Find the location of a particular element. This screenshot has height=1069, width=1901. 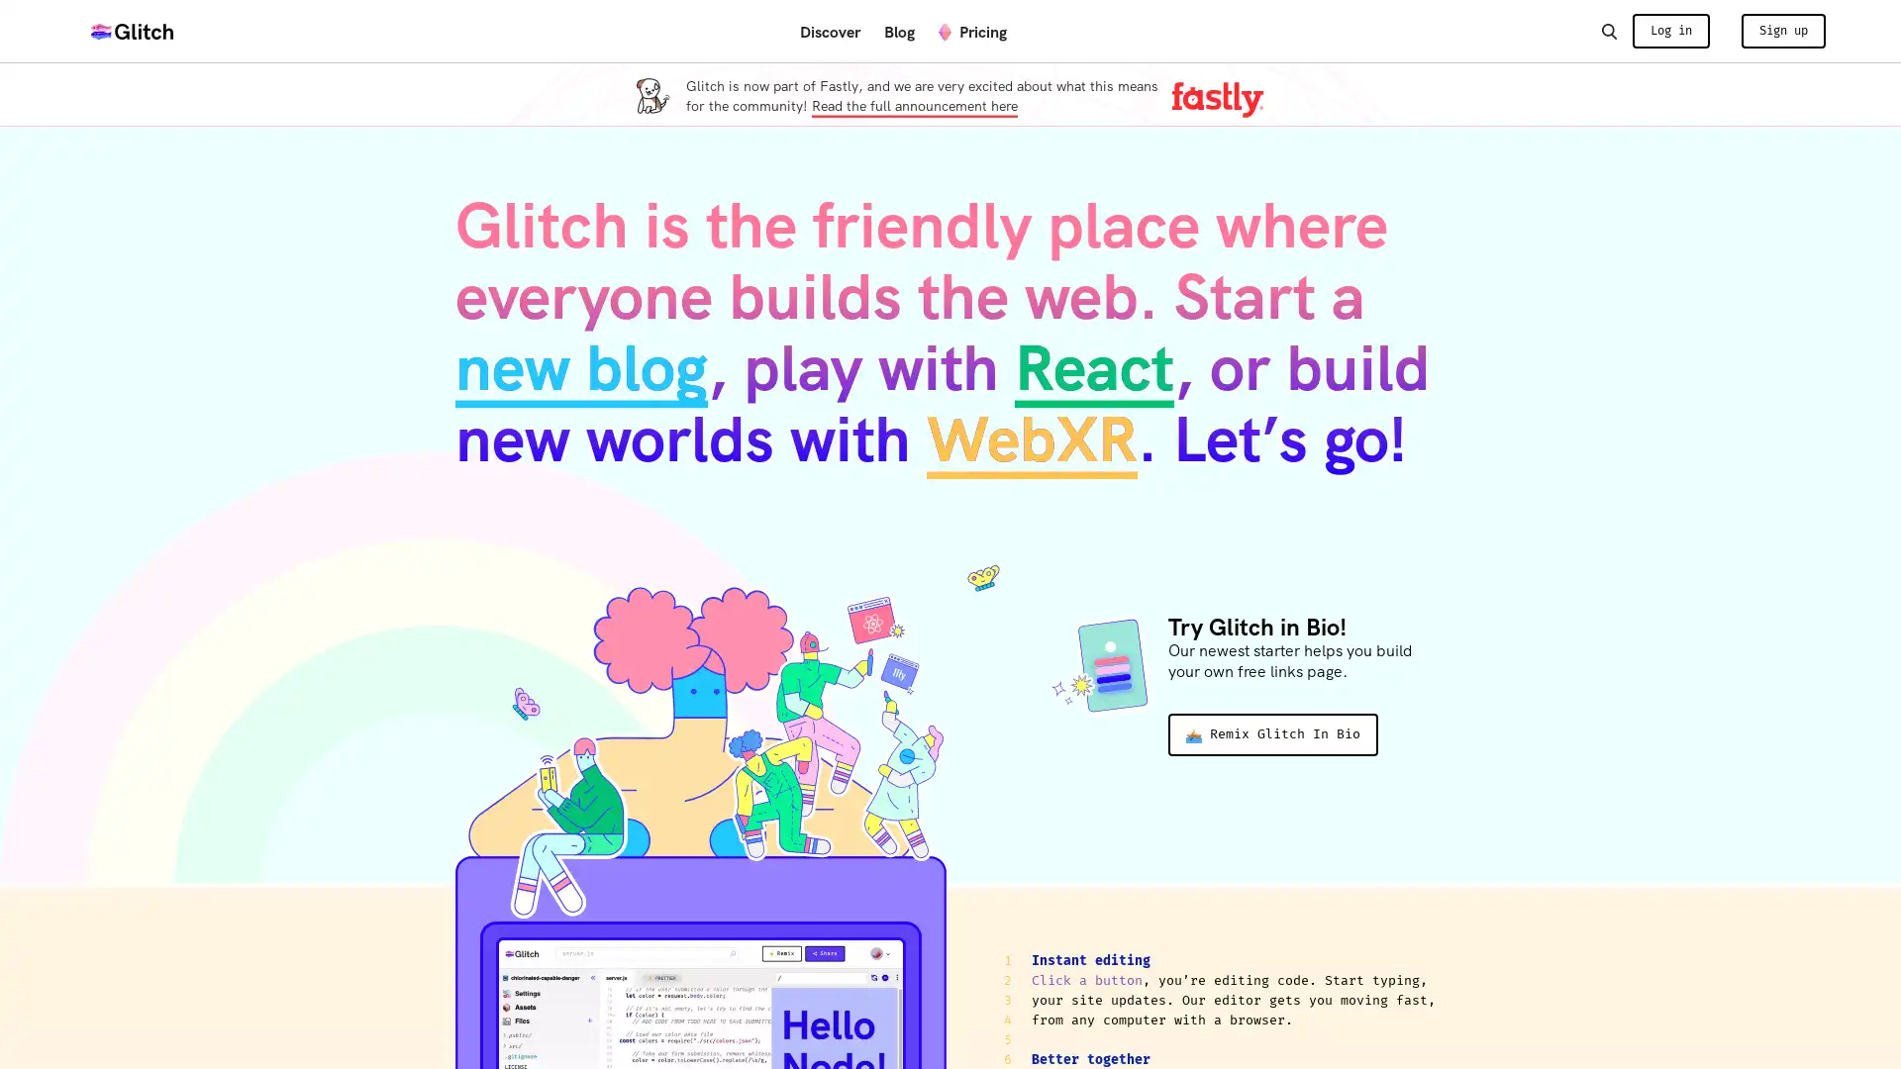

Search Glitch is located at coordinates (1608, 30).